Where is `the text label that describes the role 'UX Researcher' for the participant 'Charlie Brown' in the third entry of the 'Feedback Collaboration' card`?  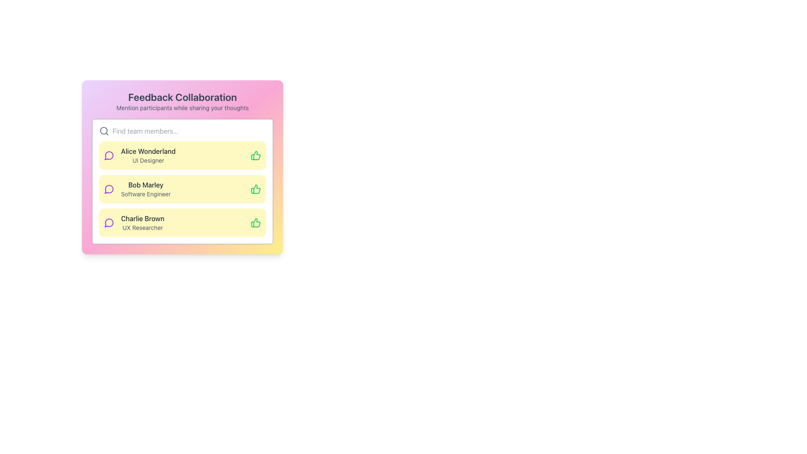
the text label that describes the role 'UX Researcher' for the participant 'Charlie Brown' in the third entry of the 'Feedback Collaboration' card is located at coordinates (142, 228).